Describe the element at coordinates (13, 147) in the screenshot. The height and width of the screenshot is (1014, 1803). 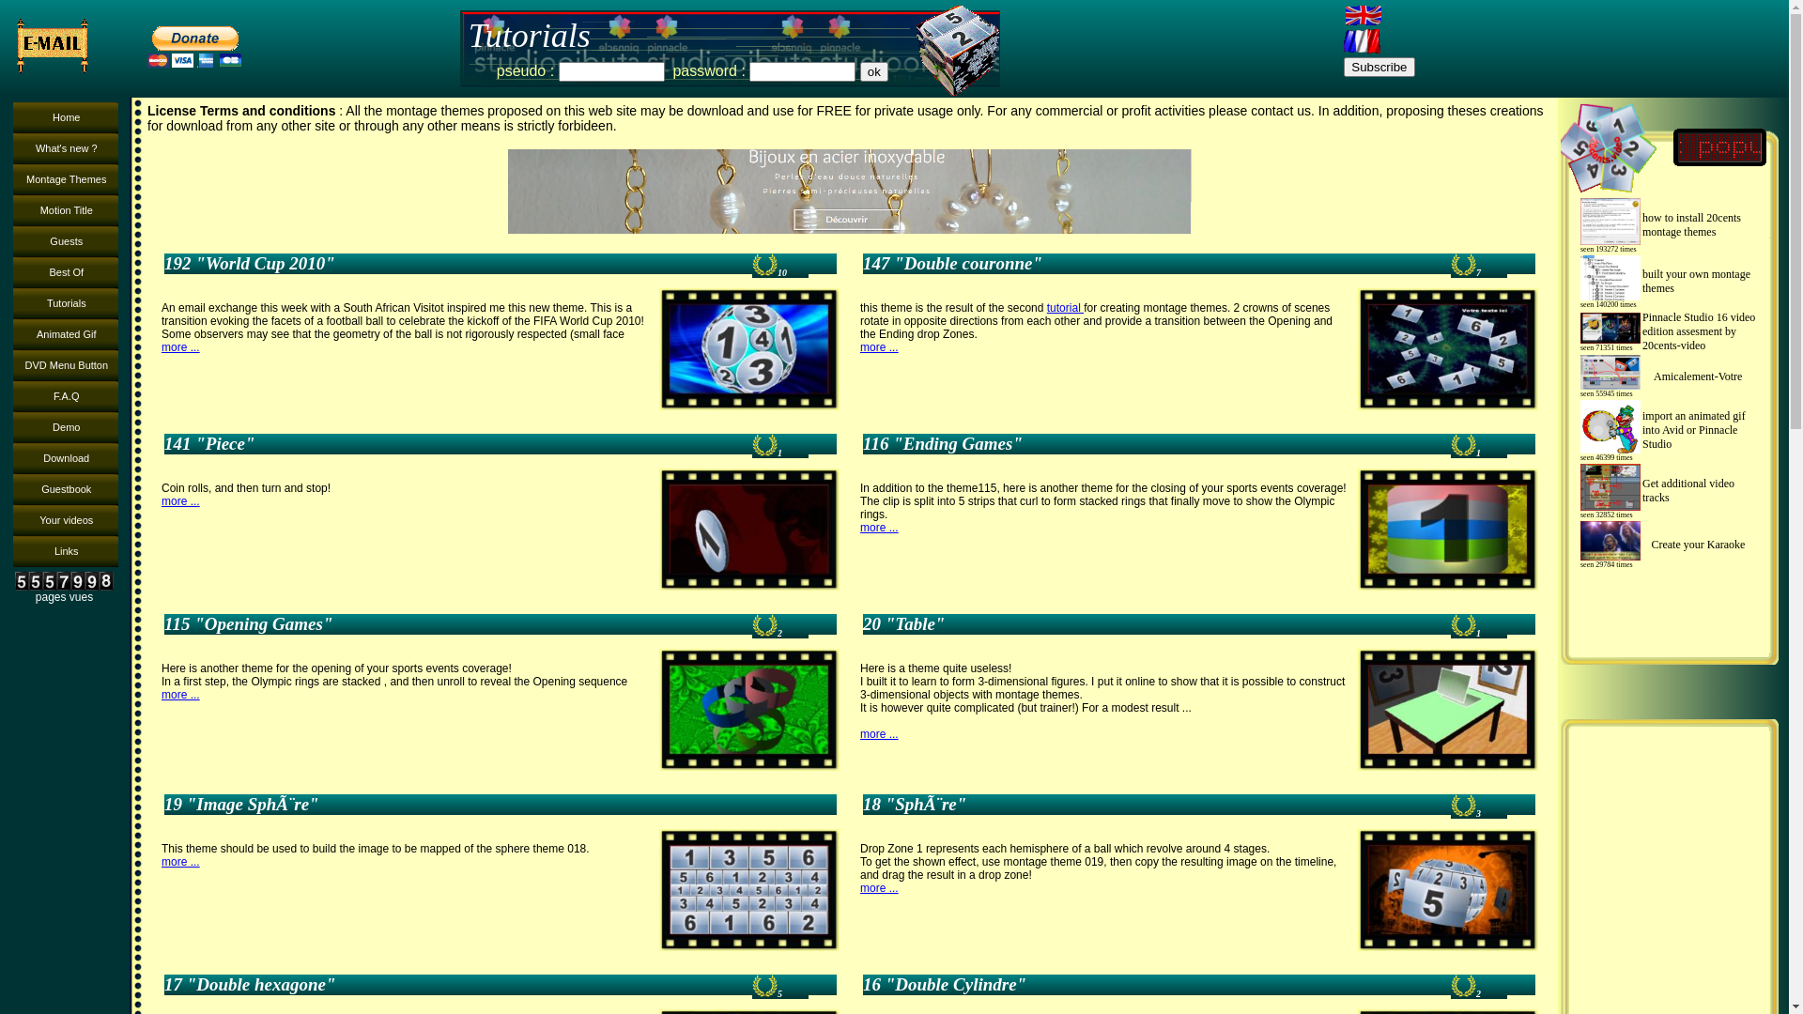
I see `'What's new ?'` at that location.